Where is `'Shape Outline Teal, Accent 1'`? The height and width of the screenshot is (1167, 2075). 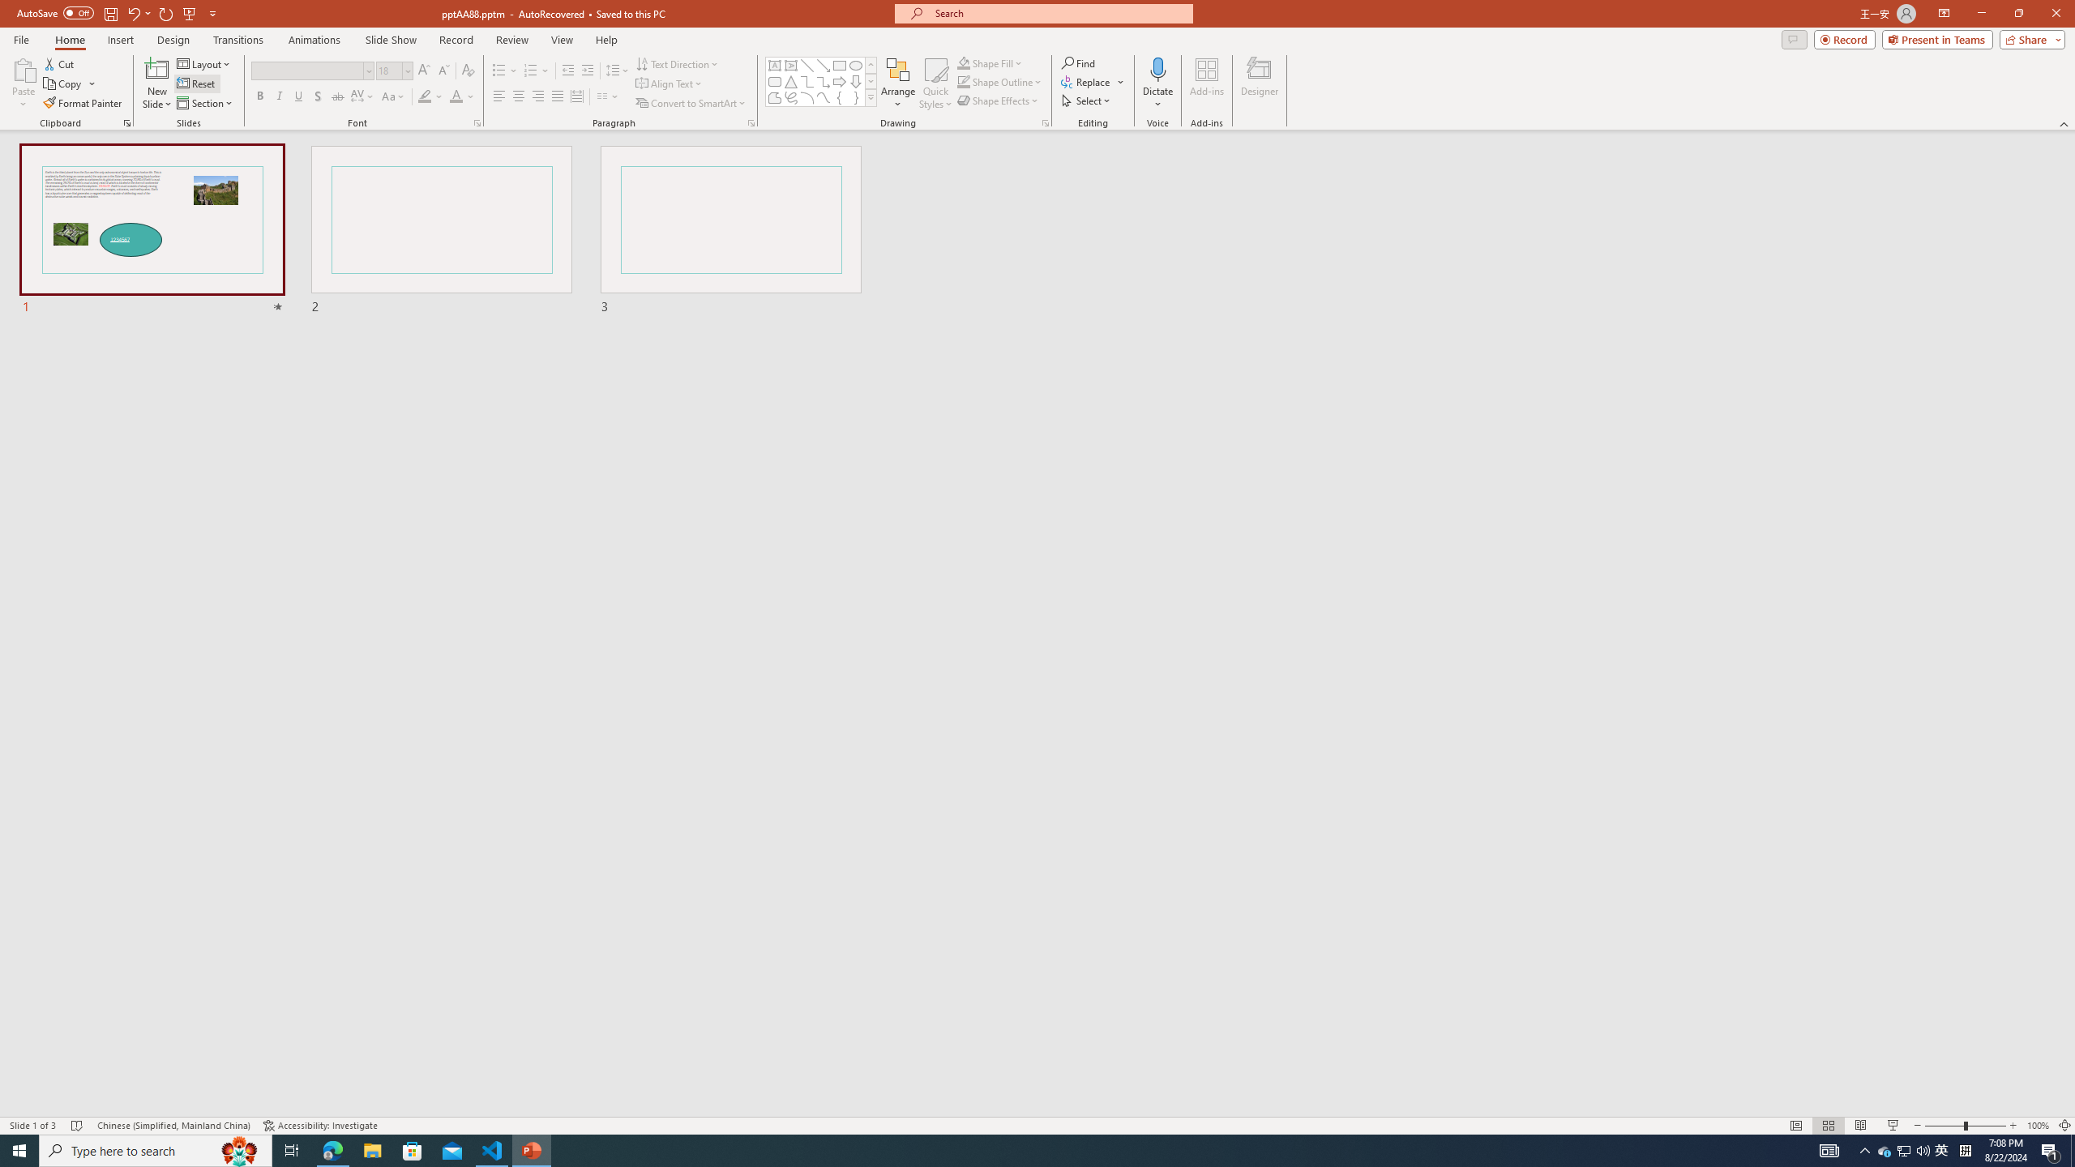 'Shape Outline Teal, Accent 1' is located at coordinates (964, 80).